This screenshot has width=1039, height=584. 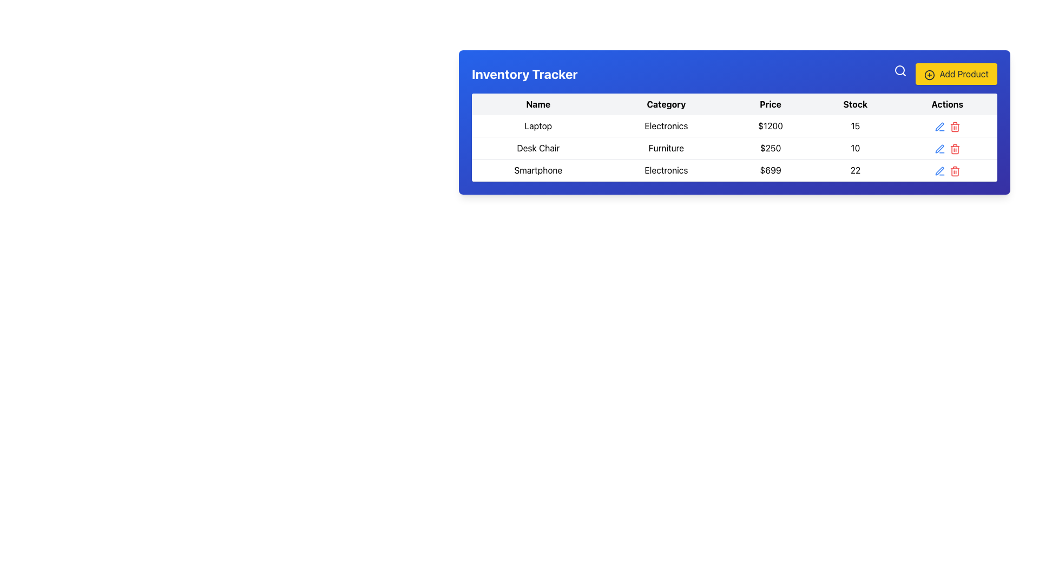 What do you see at coordinates (538, 104) in the screenshot?
I see `the 'Name' table header cell, which is the first header cell` at bounding box center [538, 104].